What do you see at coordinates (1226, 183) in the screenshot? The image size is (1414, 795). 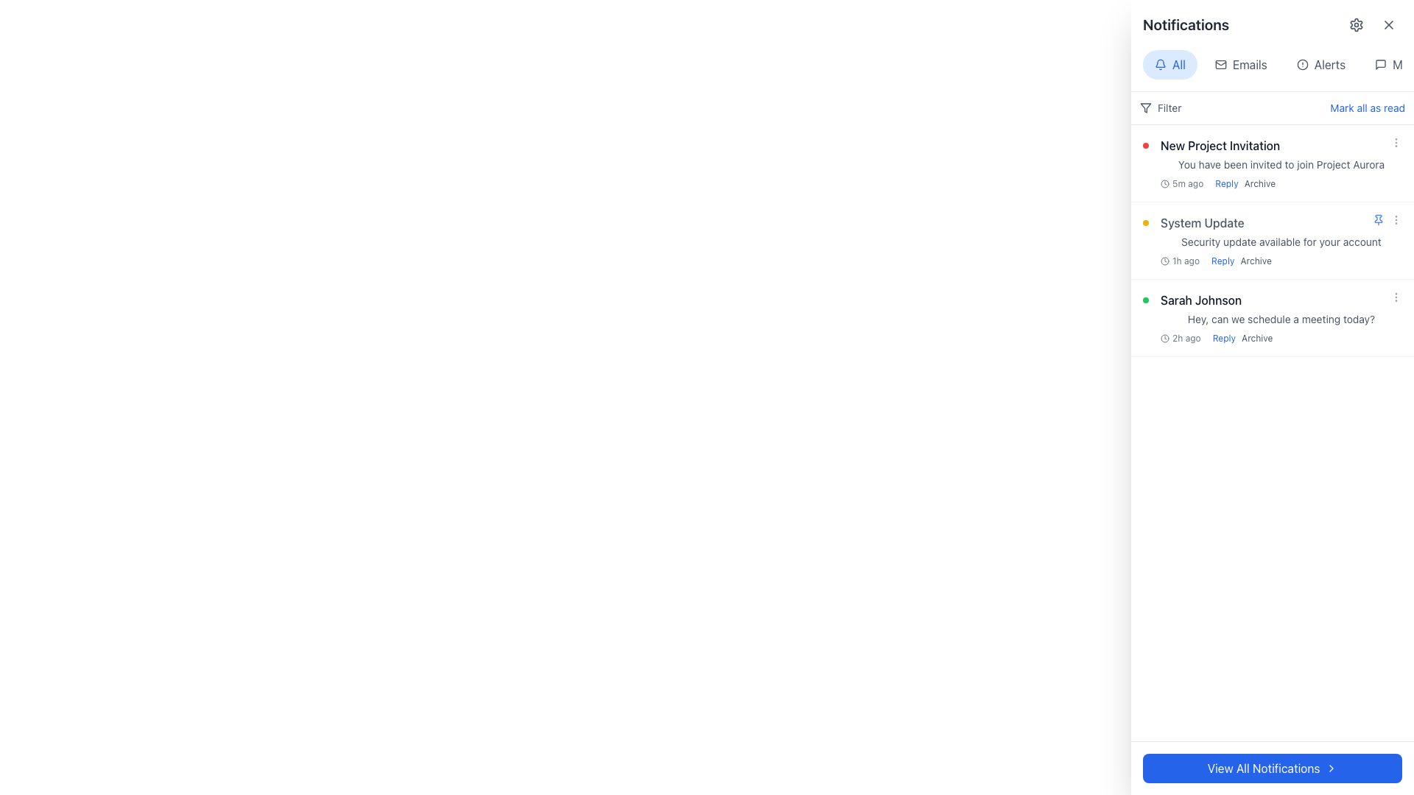 I see `the blue-colored 'Reply' text link, styled with the 'text-xs' class, located to the right of the 'New Project Invitation' section in the notifications list to initiate a reply` at bounding box center [1226, 183].